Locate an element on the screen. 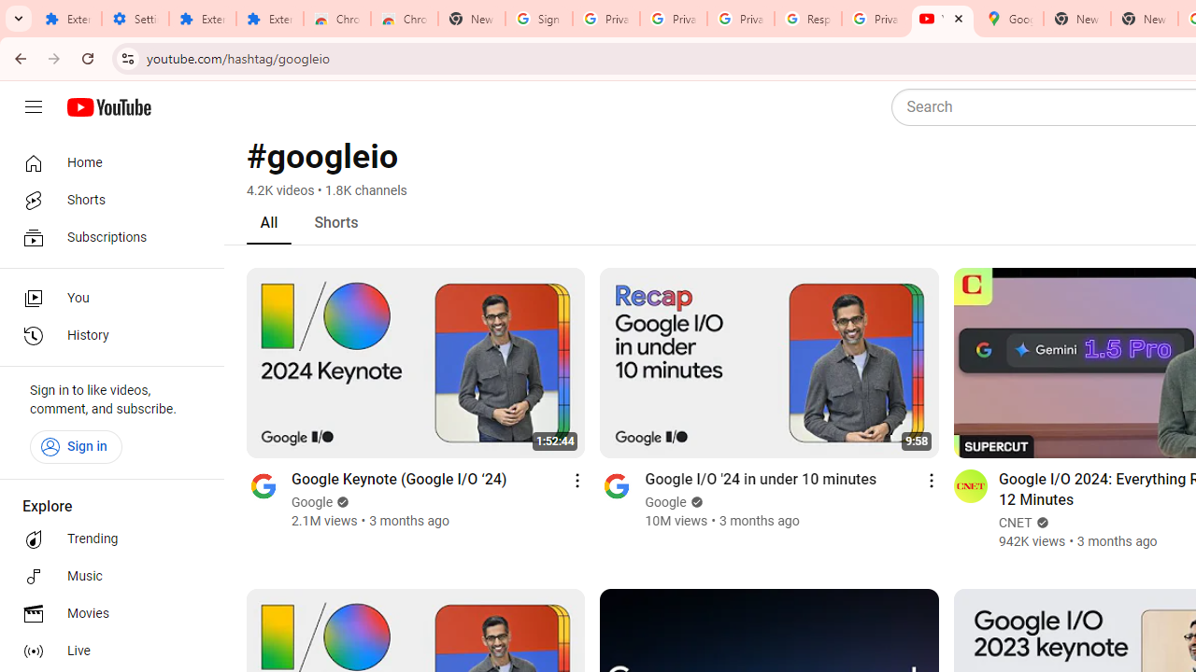  'Shorts' is located at coordinates (335, 222).